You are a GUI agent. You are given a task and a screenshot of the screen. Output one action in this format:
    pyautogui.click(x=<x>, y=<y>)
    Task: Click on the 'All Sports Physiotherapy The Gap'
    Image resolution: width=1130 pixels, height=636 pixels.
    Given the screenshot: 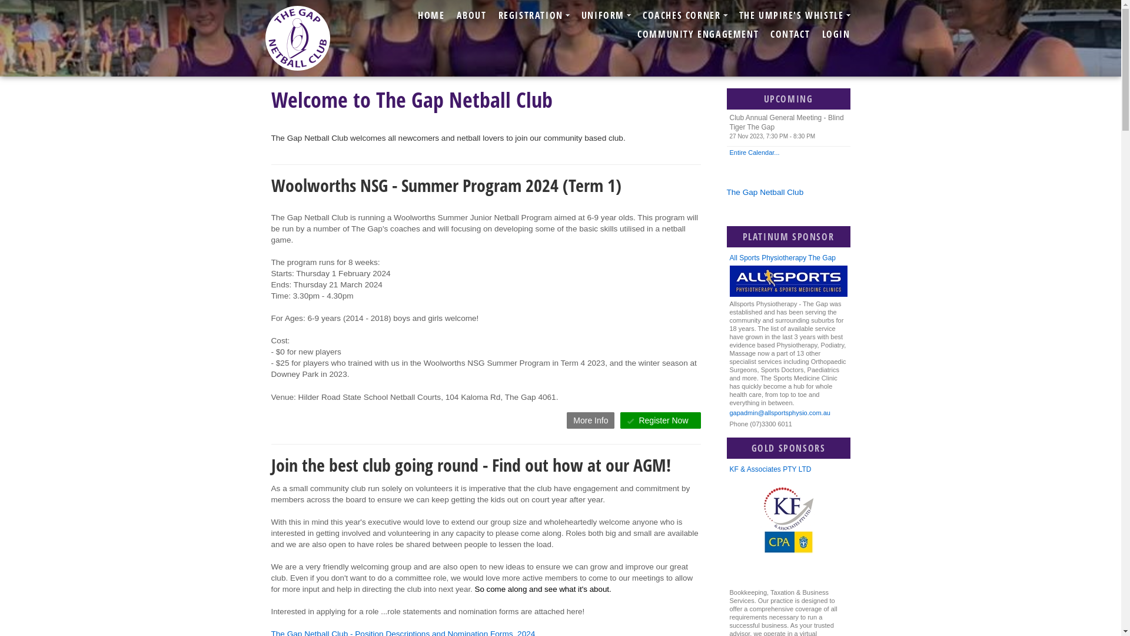 What is the action you would take?
    pyautogui.click(x=788, y=258)
    